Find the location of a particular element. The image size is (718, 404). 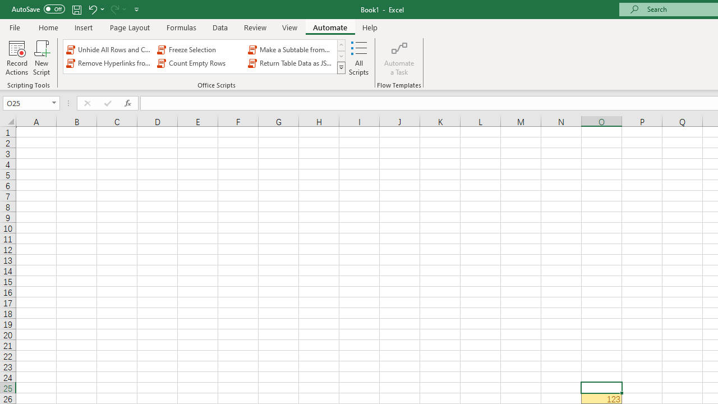

'Freeze Selection' is located at coordinates (200, 49).